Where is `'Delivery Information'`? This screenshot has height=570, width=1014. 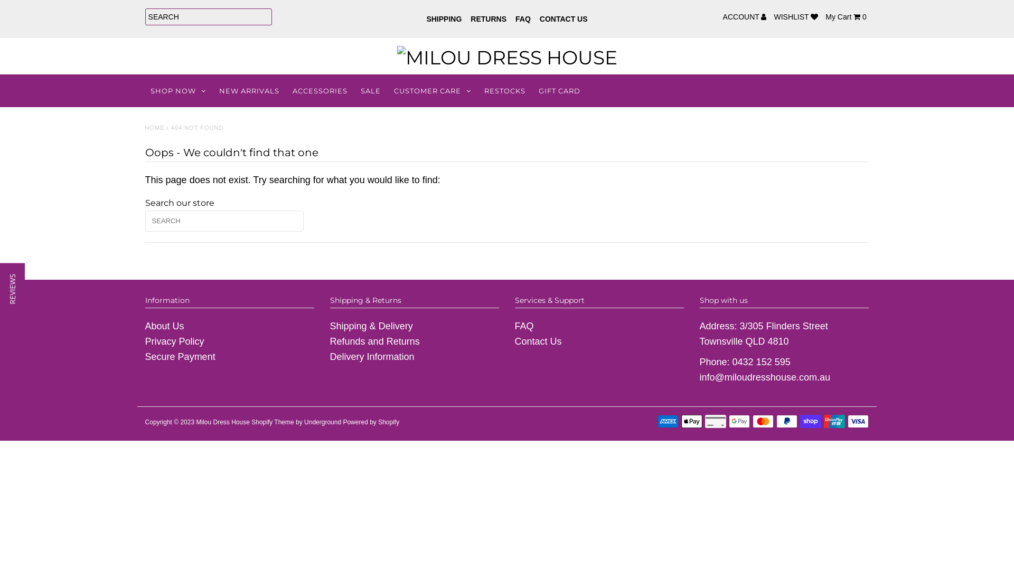
'Delivery Information' is located at coordinates (372, 356).